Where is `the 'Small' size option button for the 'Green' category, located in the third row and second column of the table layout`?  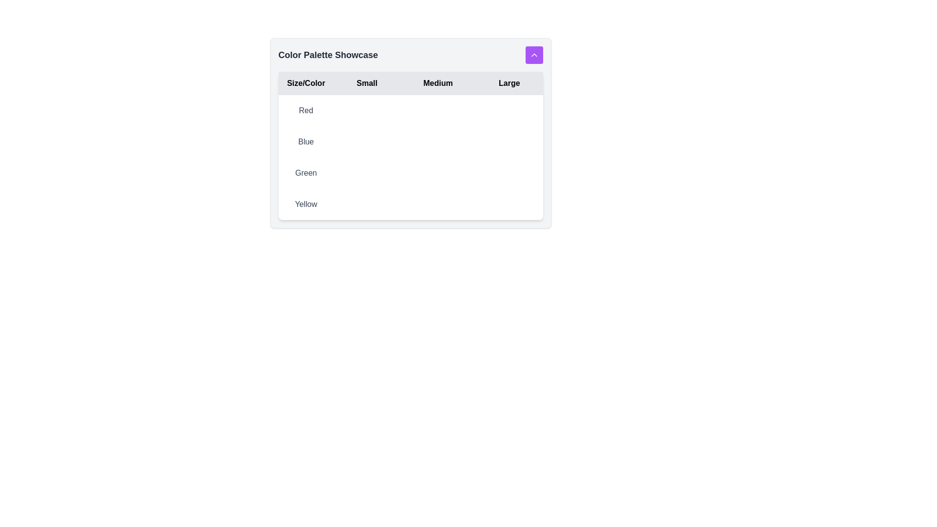
the 'Small' size option button for the 'Green' category, located in the third row and second column of the table layout is located at coordinates (367, 172).